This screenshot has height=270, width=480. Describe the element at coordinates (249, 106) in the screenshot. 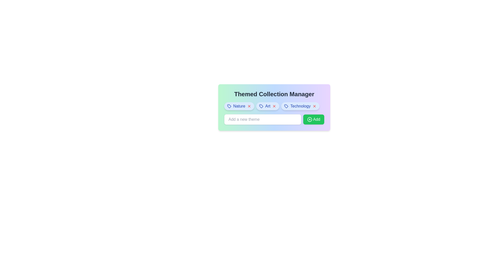

I see `'X' button for the theme Nature` at that location.